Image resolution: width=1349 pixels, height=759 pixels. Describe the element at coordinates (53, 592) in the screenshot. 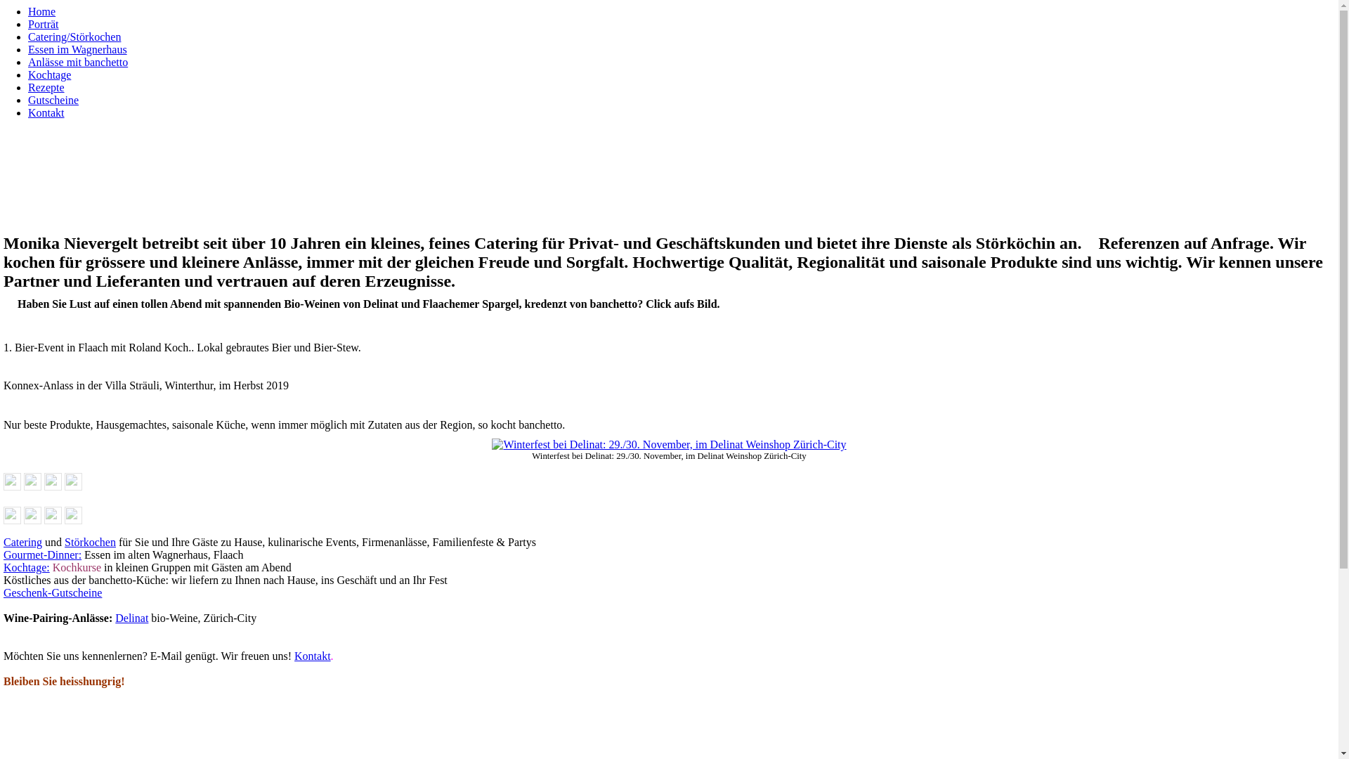

I see `'Geschenk-Gutscheine'` at that location.